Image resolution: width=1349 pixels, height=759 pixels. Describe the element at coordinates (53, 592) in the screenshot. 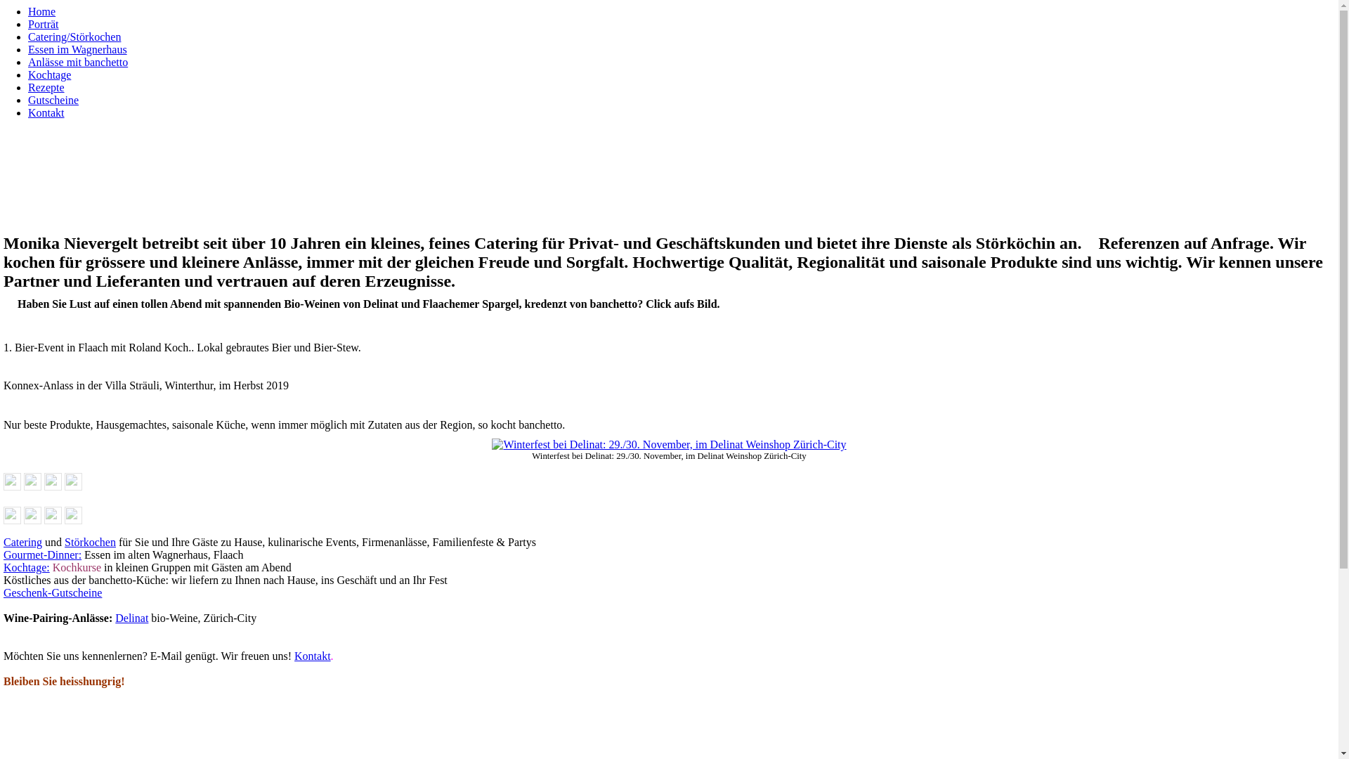

I see `'Geschenk-Gutscheine'` at that location.